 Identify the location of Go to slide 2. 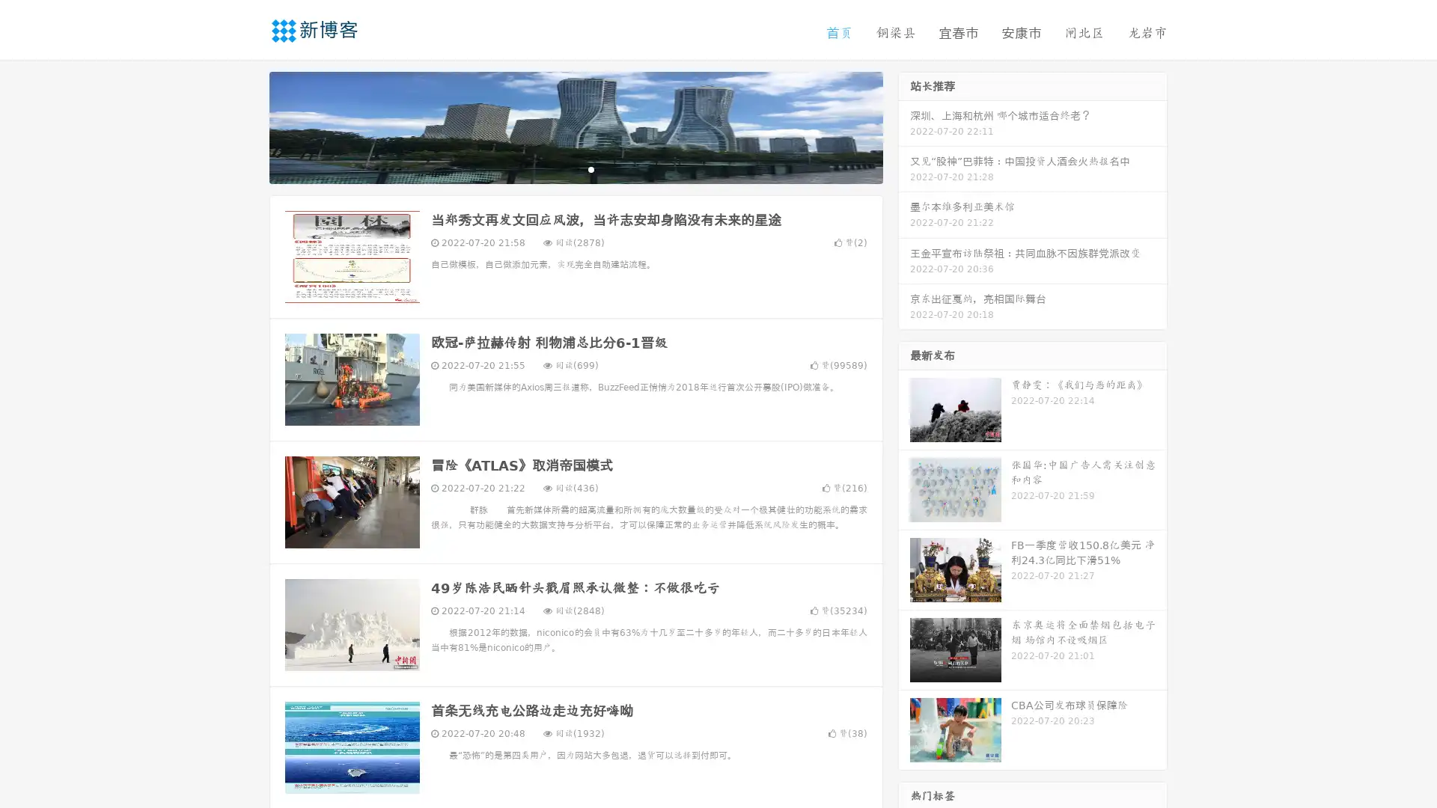
(575, 168).